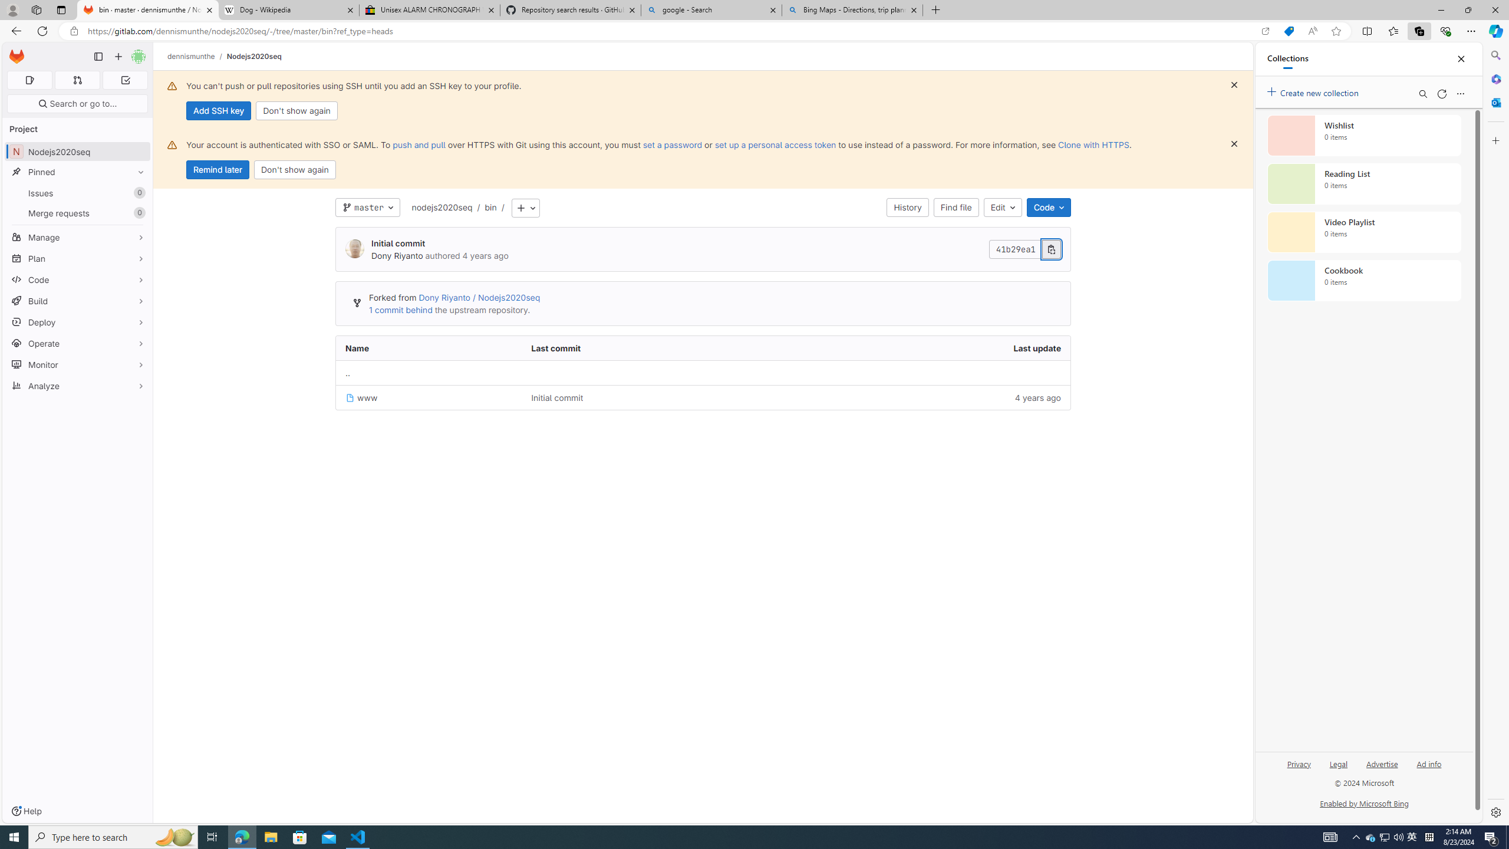 The width and height of the screenshot is (1509, 849). I want to click on 'Side bar', so click(1495, 433).